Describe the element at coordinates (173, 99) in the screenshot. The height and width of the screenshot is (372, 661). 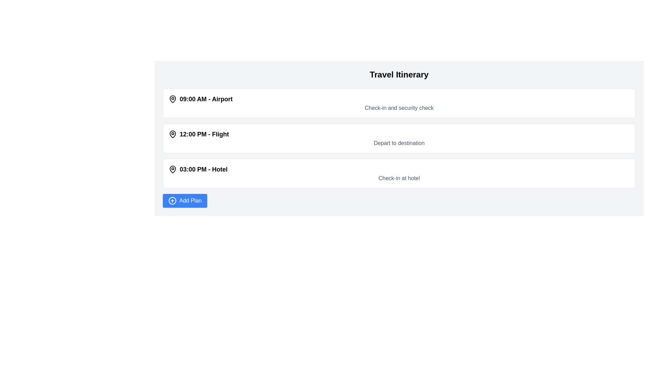
I see `the map pin icon located to the left of the text '09:00 AM - Airport' in the first entry of the itinerary list if it is interactive` at that location.